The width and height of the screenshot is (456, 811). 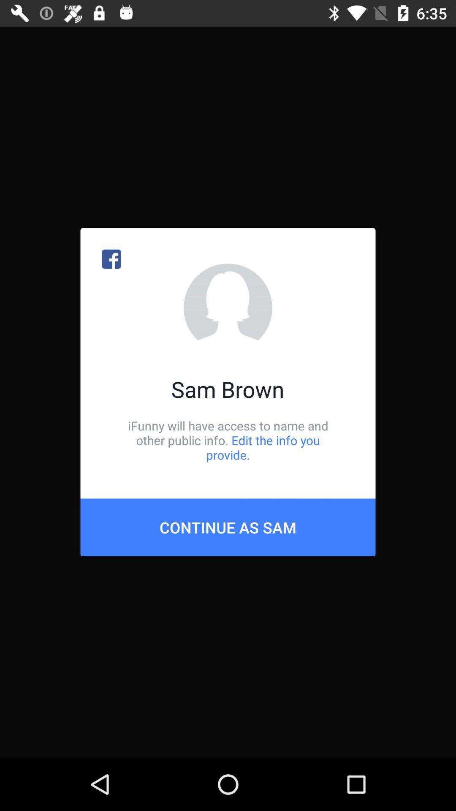 What do you see at coordinates (228, 440) in the screenshot?
I see `the item below the sam brown` at bounding box center [228, 440].